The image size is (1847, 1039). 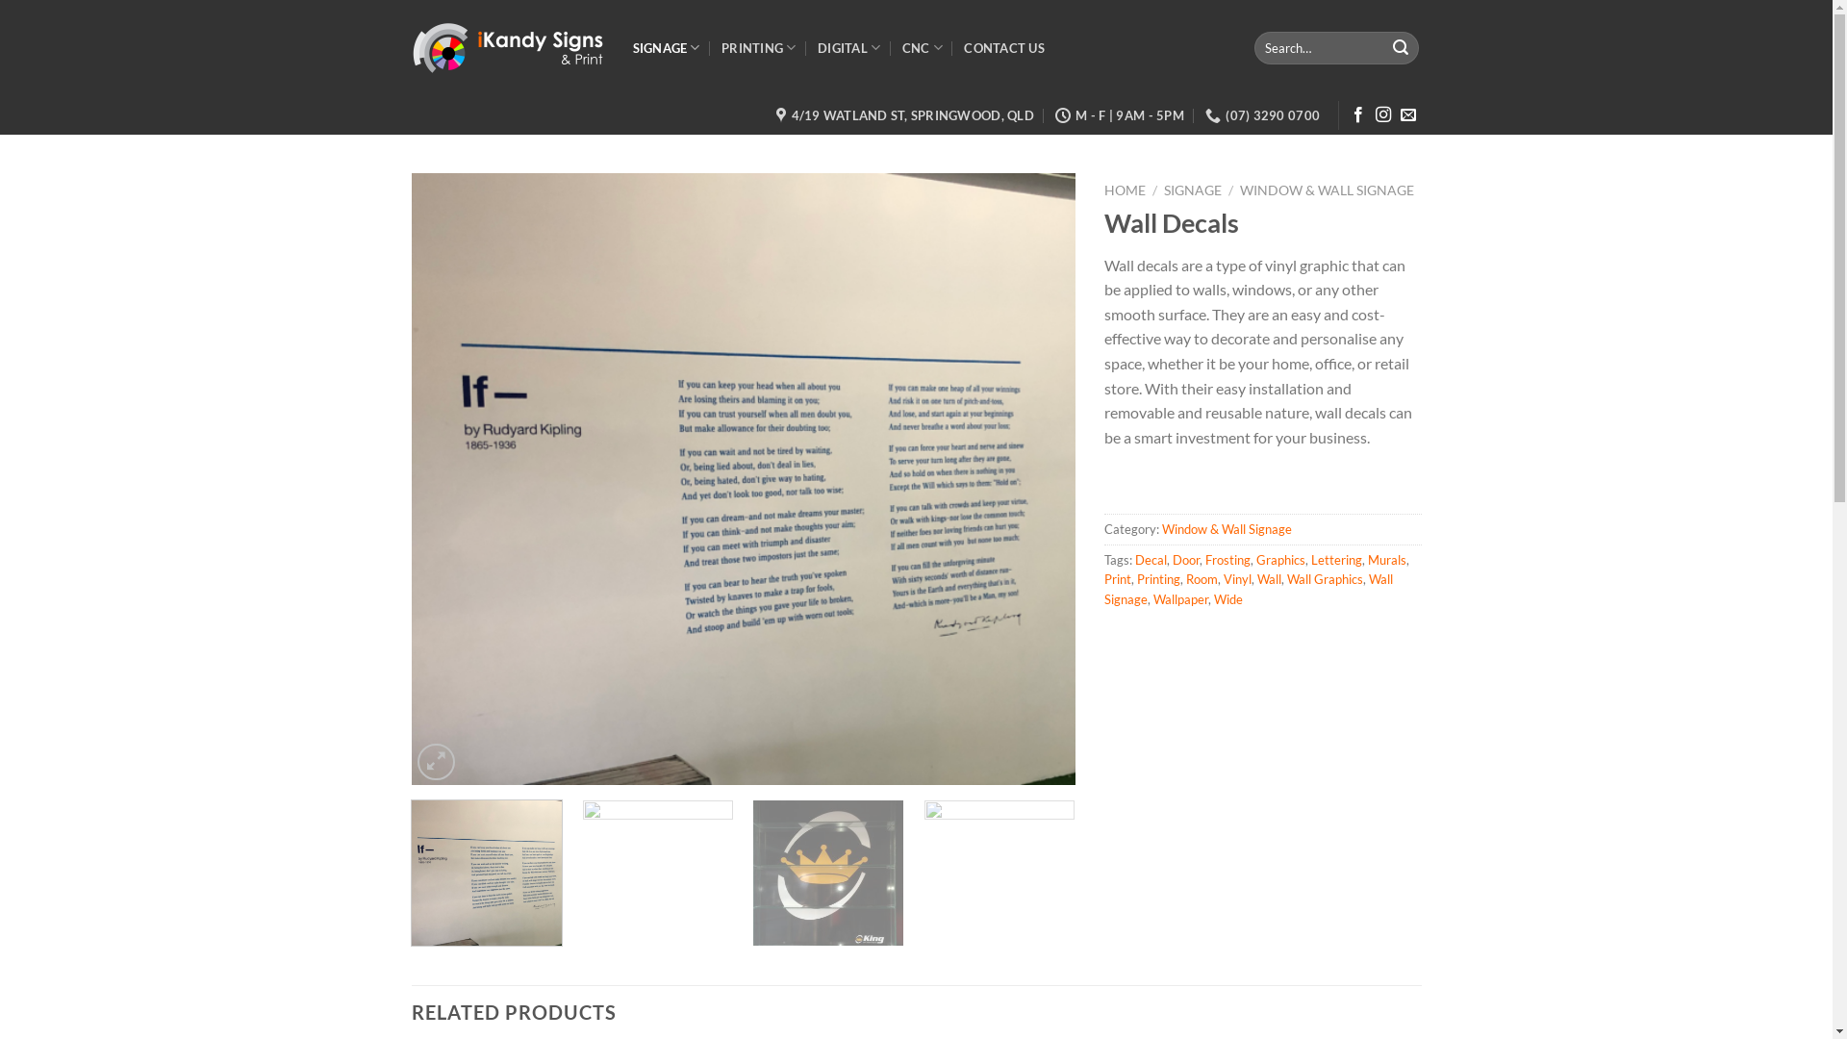 I want to click on 'WINDOW & WALL SIGNAGE', so click(x=1326, y=190).